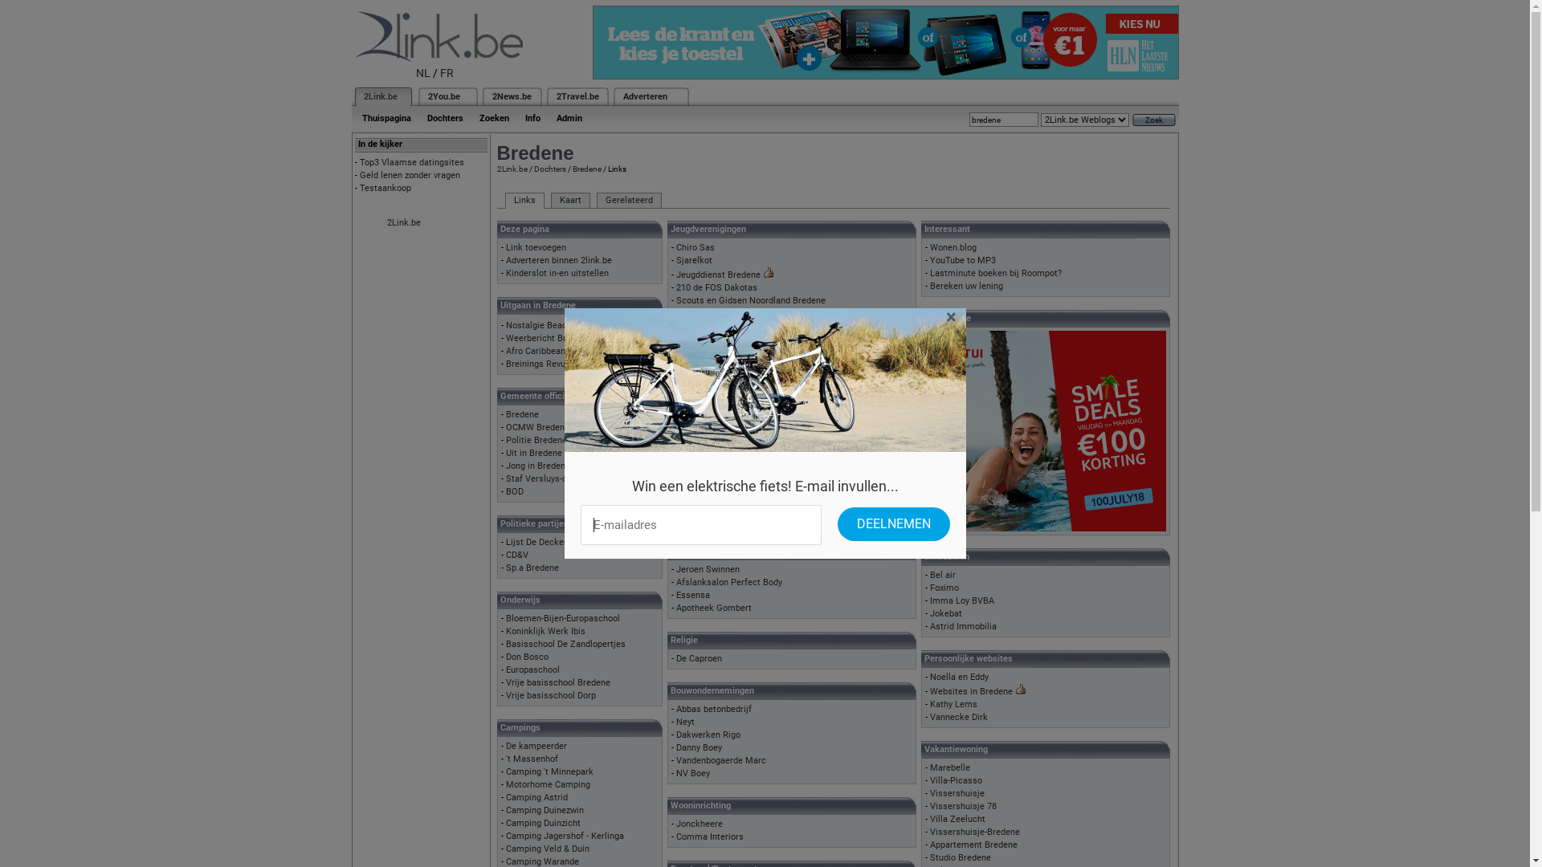 This screenshot has height=867, width=1542. What do you see at coordinates (693, 595) in the screenshot?
I see `'Essensa'` at bounding box center [693, 595].